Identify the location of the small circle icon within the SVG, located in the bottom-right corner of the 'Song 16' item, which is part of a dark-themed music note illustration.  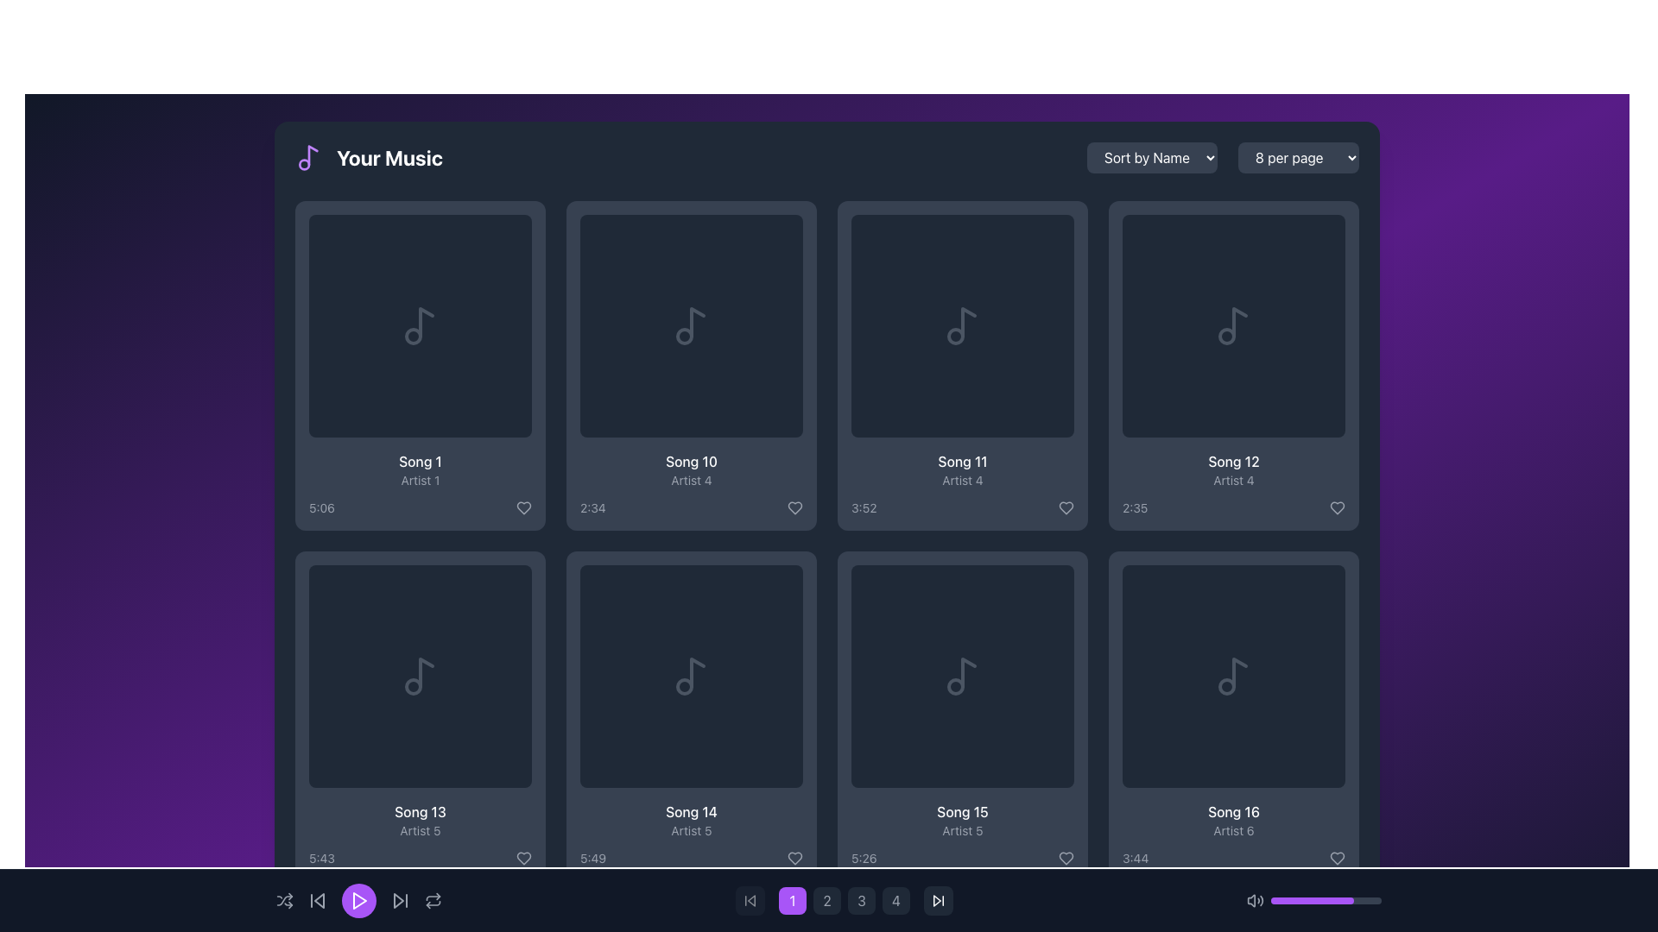
(1225, 685).